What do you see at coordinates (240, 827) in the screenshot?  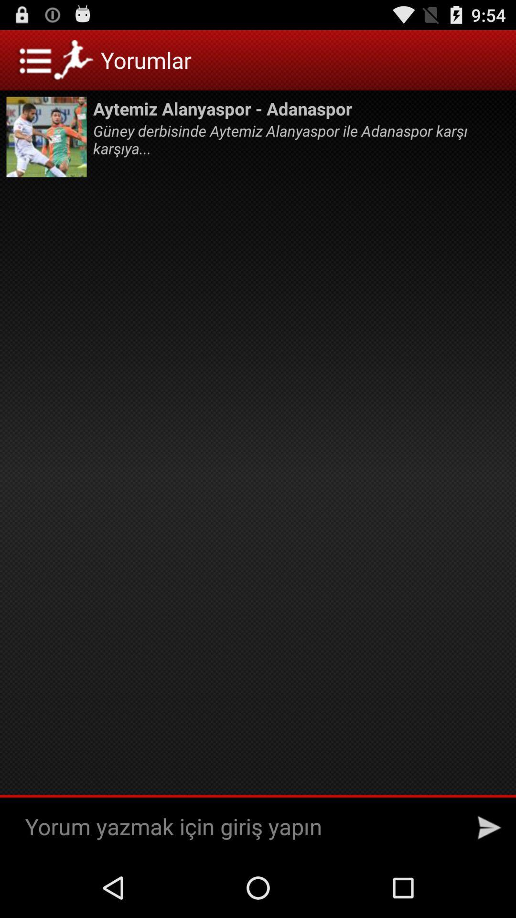 I see `write a message` at bounding box center [240, 827].